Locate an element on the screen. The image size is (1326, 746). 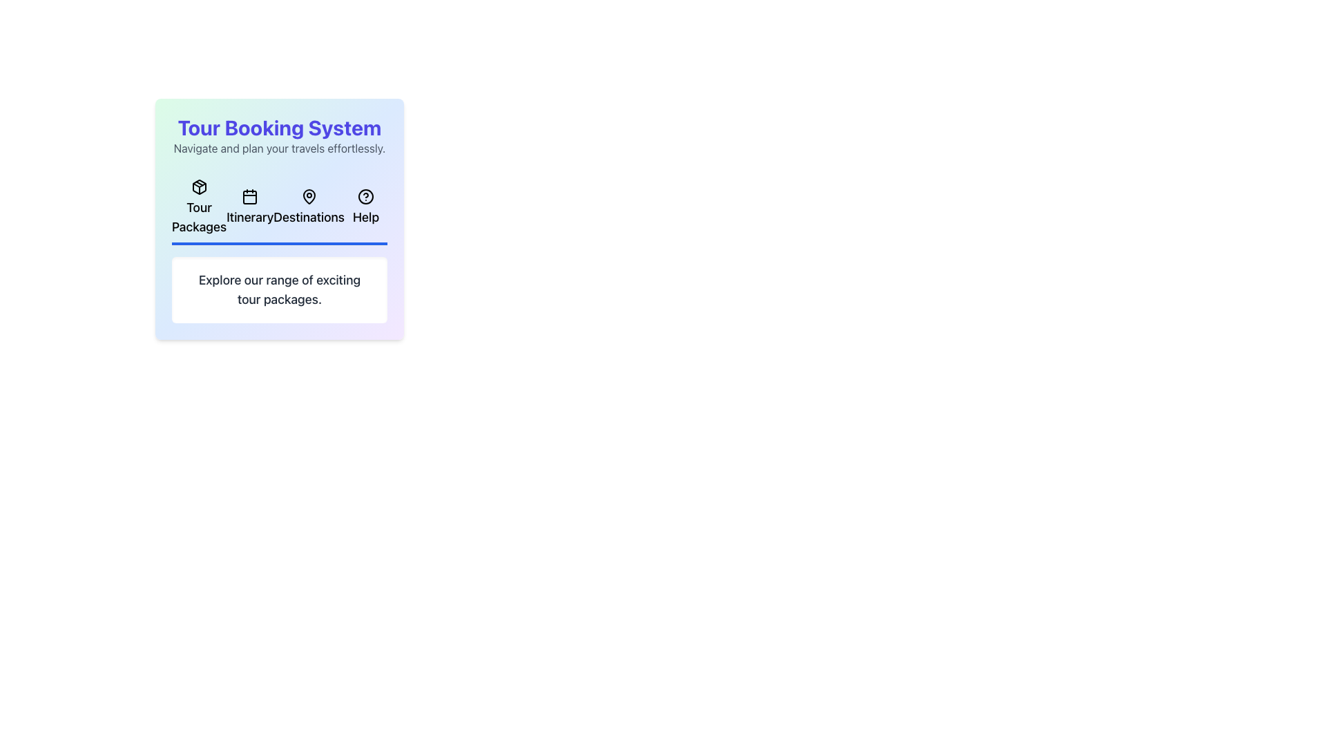
the Navigation Menu is located at coordinates (278, 209).